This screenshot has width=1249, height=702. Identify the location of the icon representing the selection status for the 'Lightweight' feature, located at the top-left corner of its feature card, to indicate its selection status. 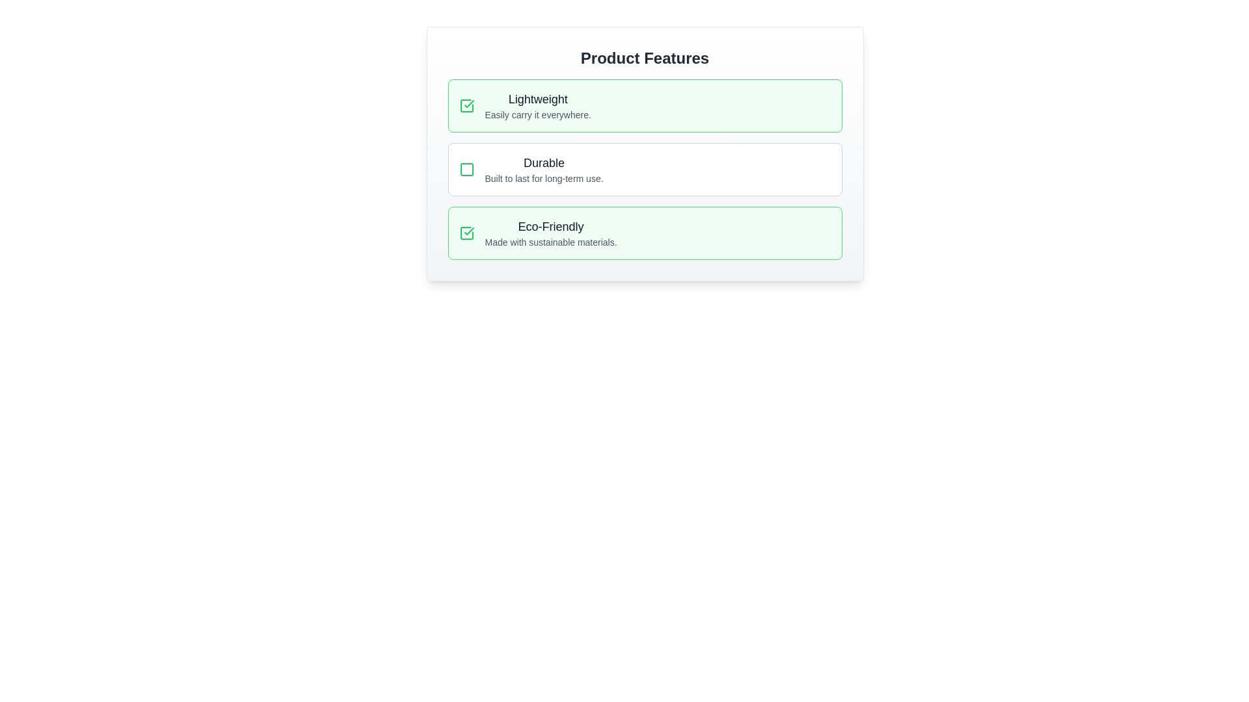
(466, 232).